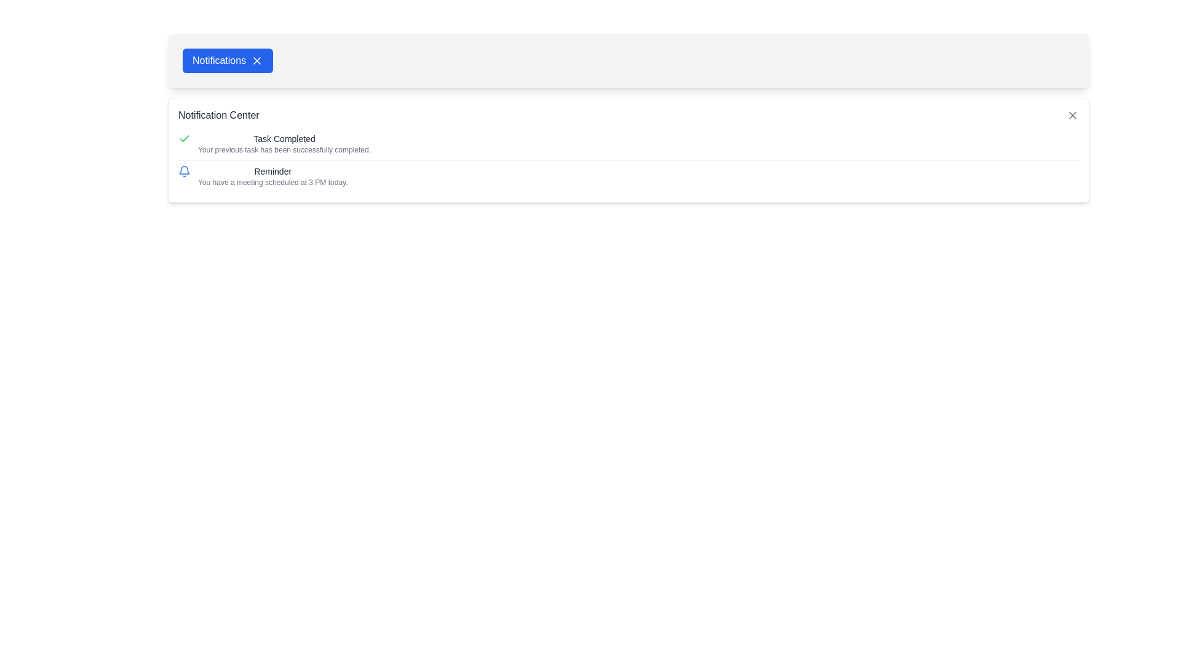 The height and width of the screenshot is (664, 1181). What do you see at coordinates (629, 176) in the screenshot?
I see `the notification item that reminds the user about the upcoming meeting scheduled for 3 PM today, which is the second item in the notification center` at bounding box center [629, 176].